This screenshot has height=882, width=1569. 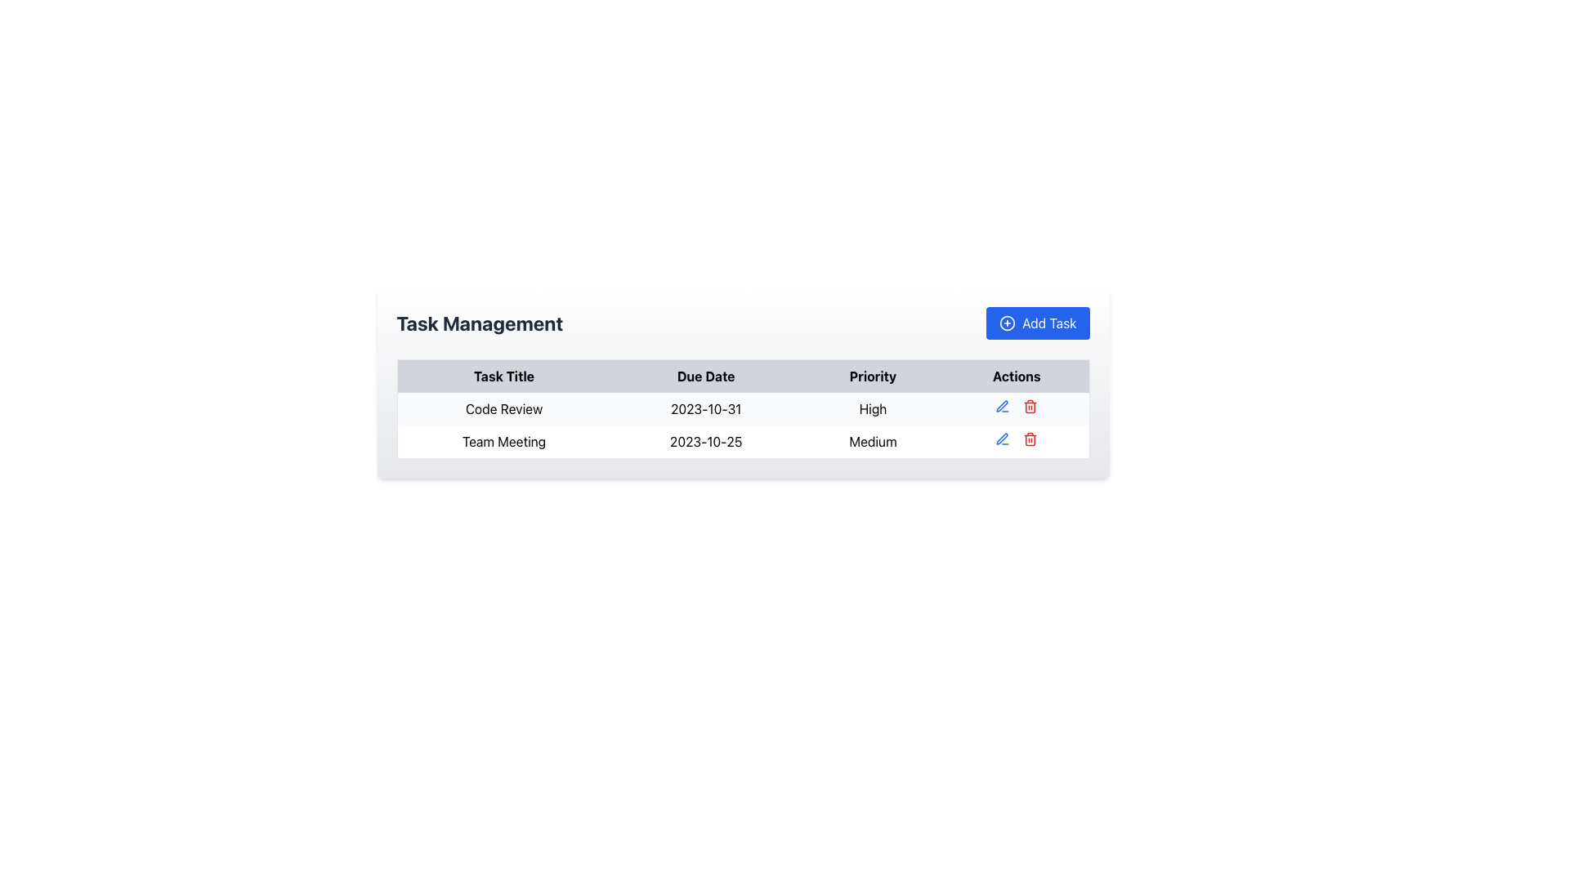 I want to click on the delete icon located in the Actions column of the second row of the task table, so click(x=1030, y=405).